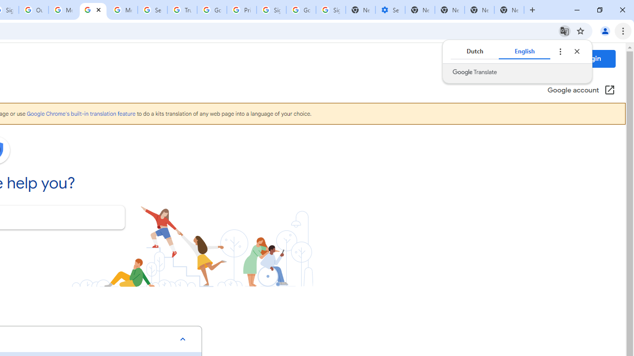 This screenshot has width=634, height=356. What do you see at coordinates (524, 51) in the screenshot?
I see `'English'` at bounding box center [524, 51].